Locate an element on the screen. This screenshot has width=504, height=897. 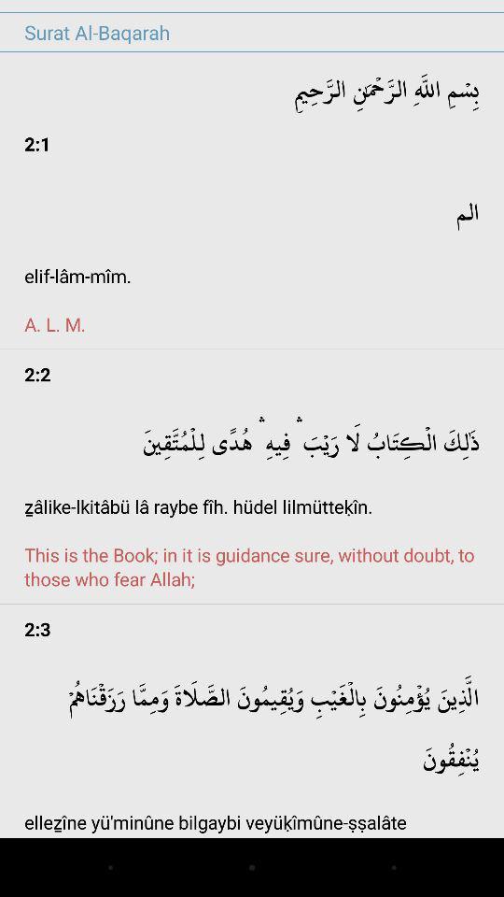
app below 2:3 icon is located at coordinates (252, 746).